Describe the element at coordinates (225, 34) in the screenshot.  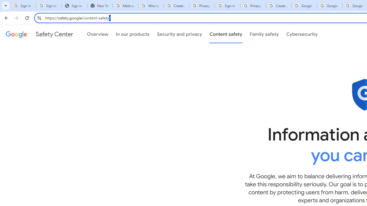
I see `'Content safety'` at that location.